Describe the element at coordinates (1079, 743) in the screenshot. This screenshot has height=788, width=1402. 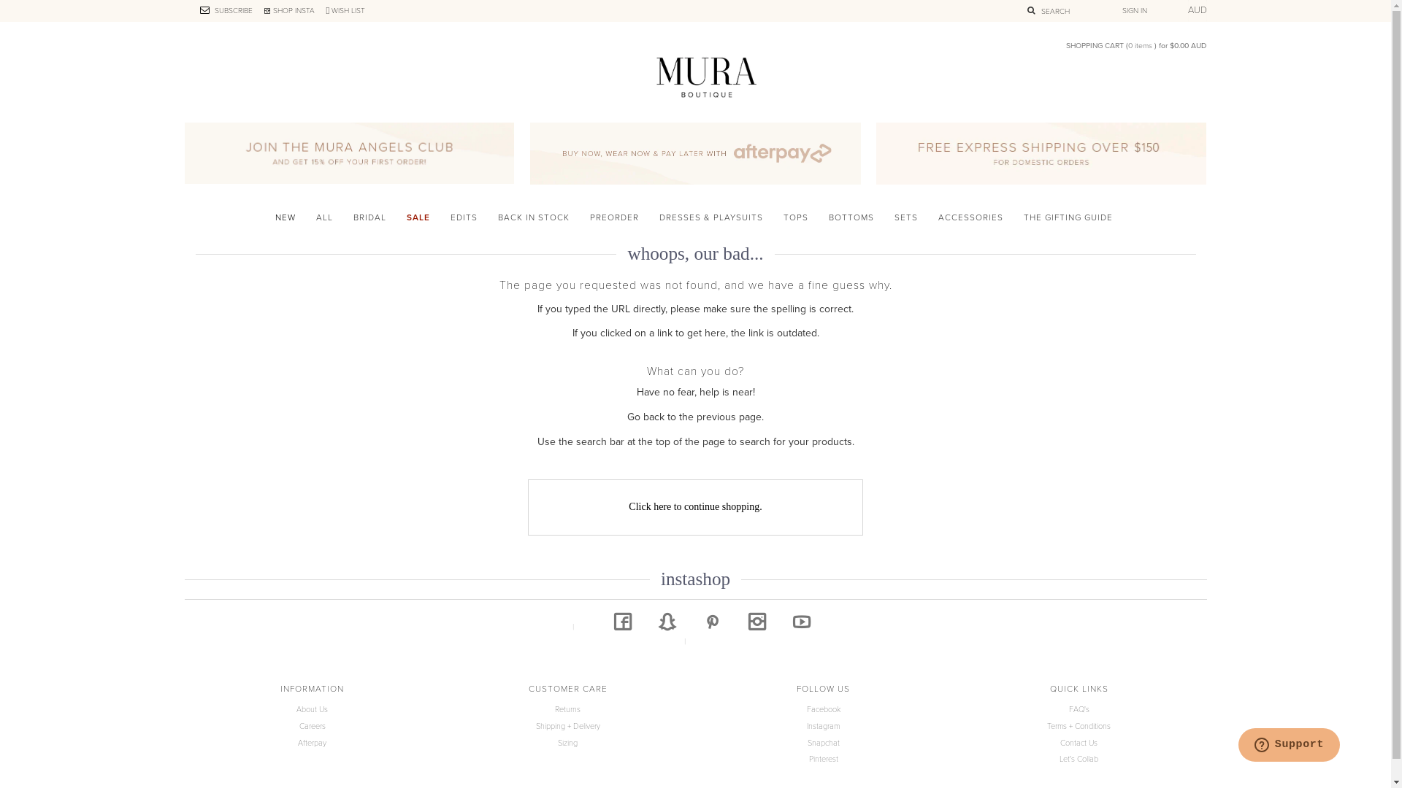
I see `'Contact Us'` at that location.